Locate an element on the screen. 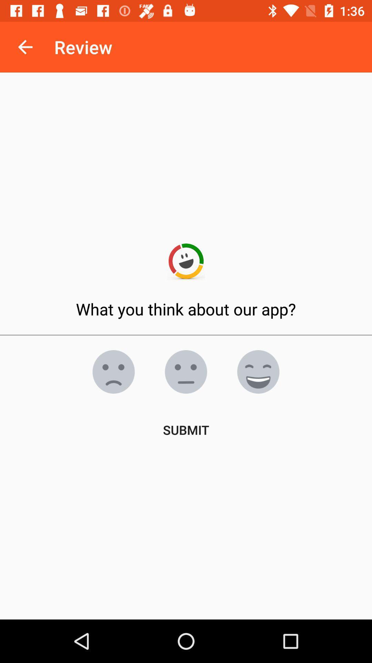  icon to the left of review item is located at coordinates (25, 47).